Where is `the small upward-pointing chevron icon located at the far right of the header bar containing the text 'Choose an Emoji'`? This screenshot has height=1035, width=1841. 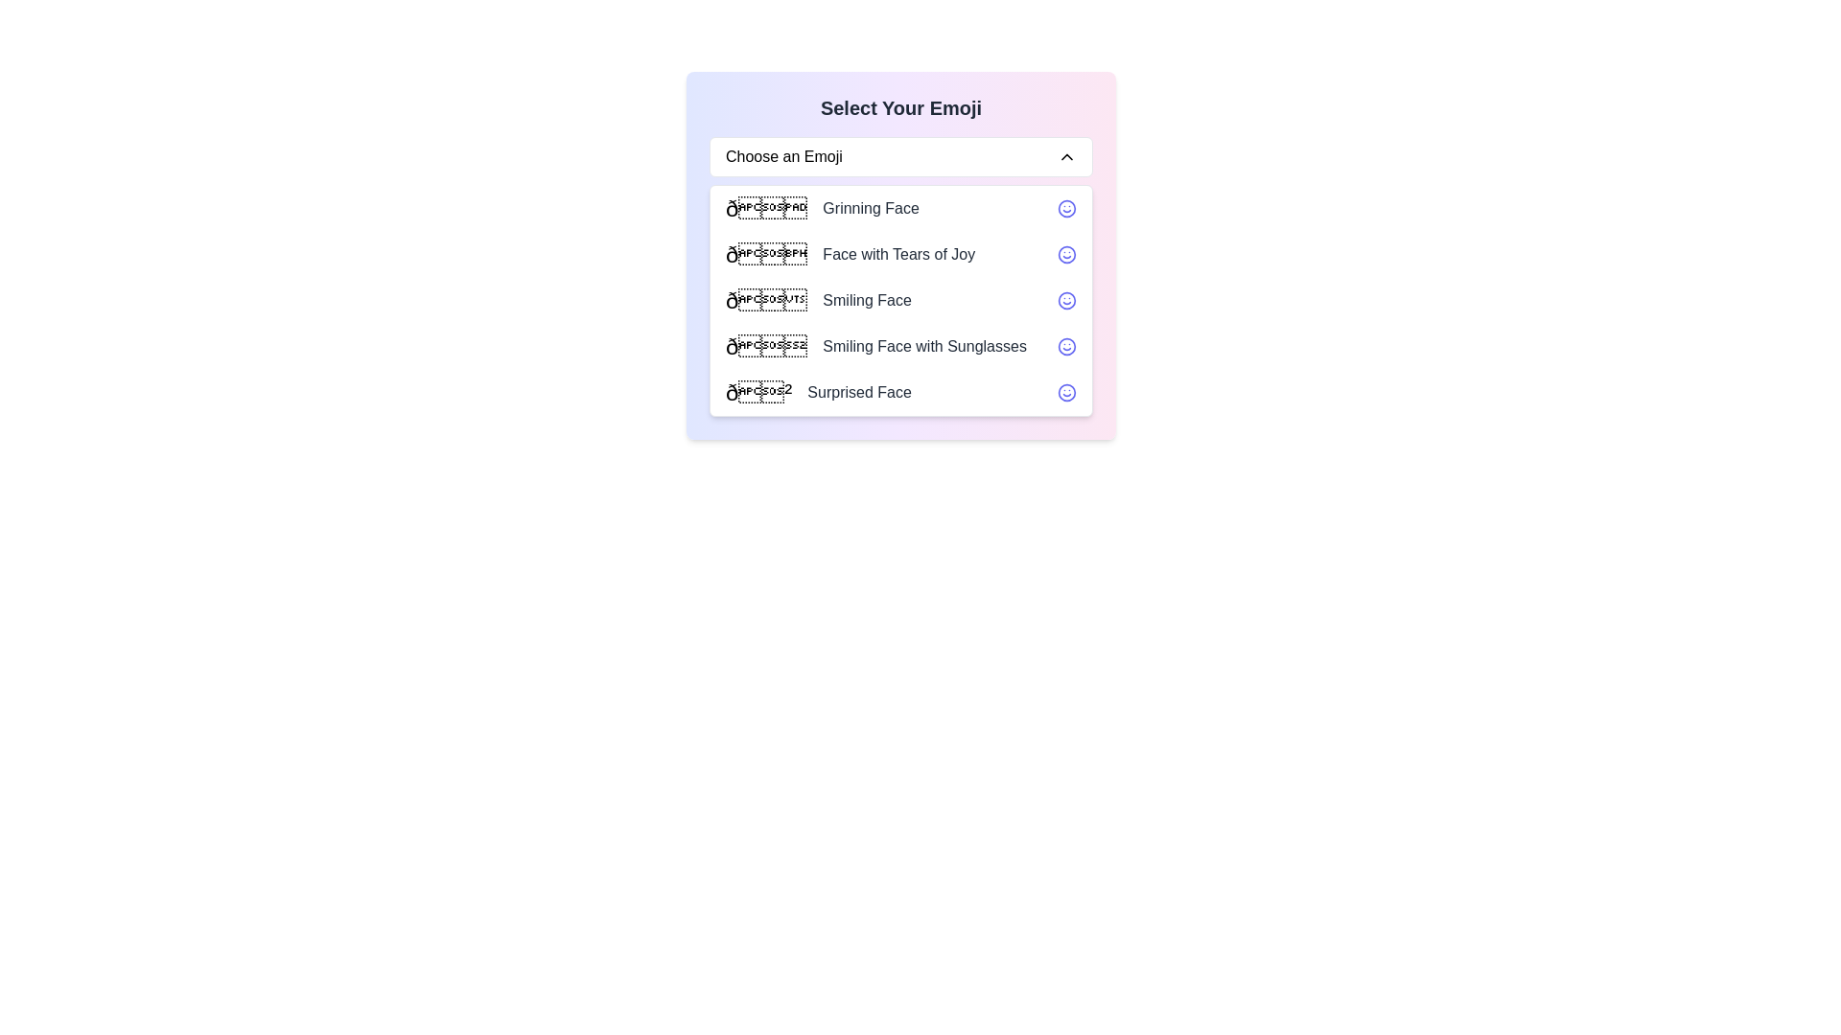
the small upward-pointing chevron icon located at the far right of the header bar containing the text 'Choose an Emoji' is located at coordinates (1066, 156).